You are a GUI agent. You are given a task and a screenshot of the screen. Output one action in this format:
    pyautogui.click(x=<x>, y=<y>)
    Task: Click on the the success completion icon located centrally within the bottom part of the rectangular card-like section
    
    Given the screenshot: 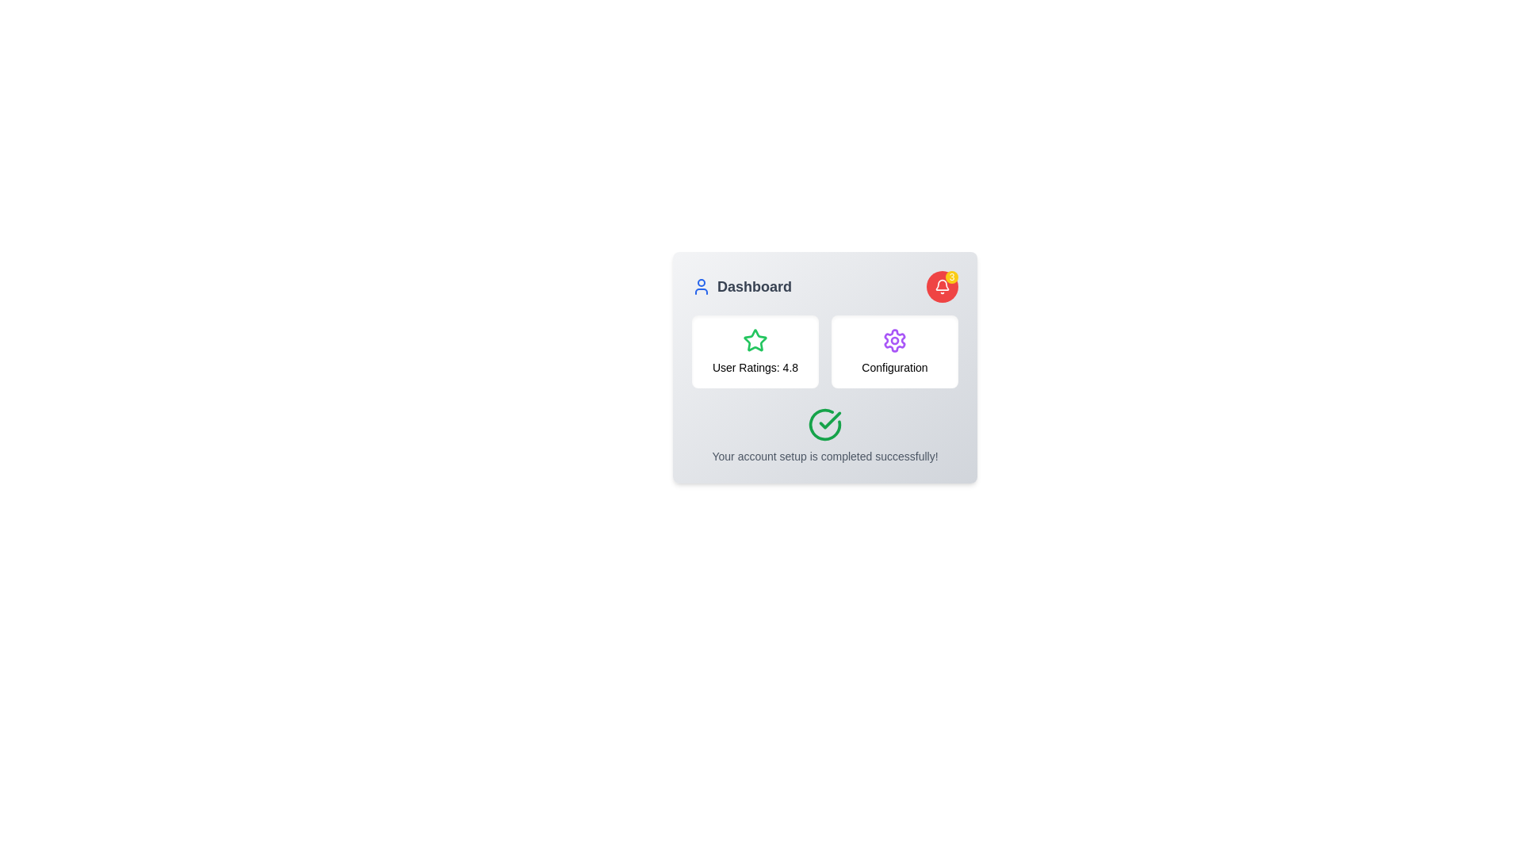 What is the action you would take?
    pyautogui.click(x=824, y=424)
    